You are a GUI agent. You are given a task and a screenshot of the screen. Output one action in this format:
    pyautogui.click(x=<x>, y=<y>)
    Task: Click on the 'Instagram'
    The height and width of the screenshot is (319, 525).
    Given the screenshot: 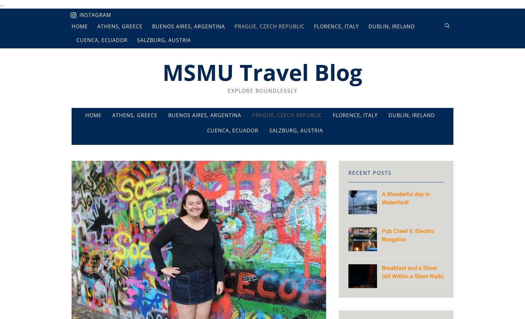 What is the action you would take?
    pyautogui.click(x=95, y=15)
    